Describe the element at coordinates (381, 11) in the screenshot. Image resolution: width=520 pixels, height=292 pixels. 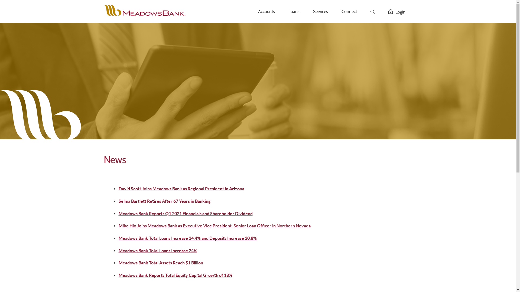
I see `'Login'` at that location.